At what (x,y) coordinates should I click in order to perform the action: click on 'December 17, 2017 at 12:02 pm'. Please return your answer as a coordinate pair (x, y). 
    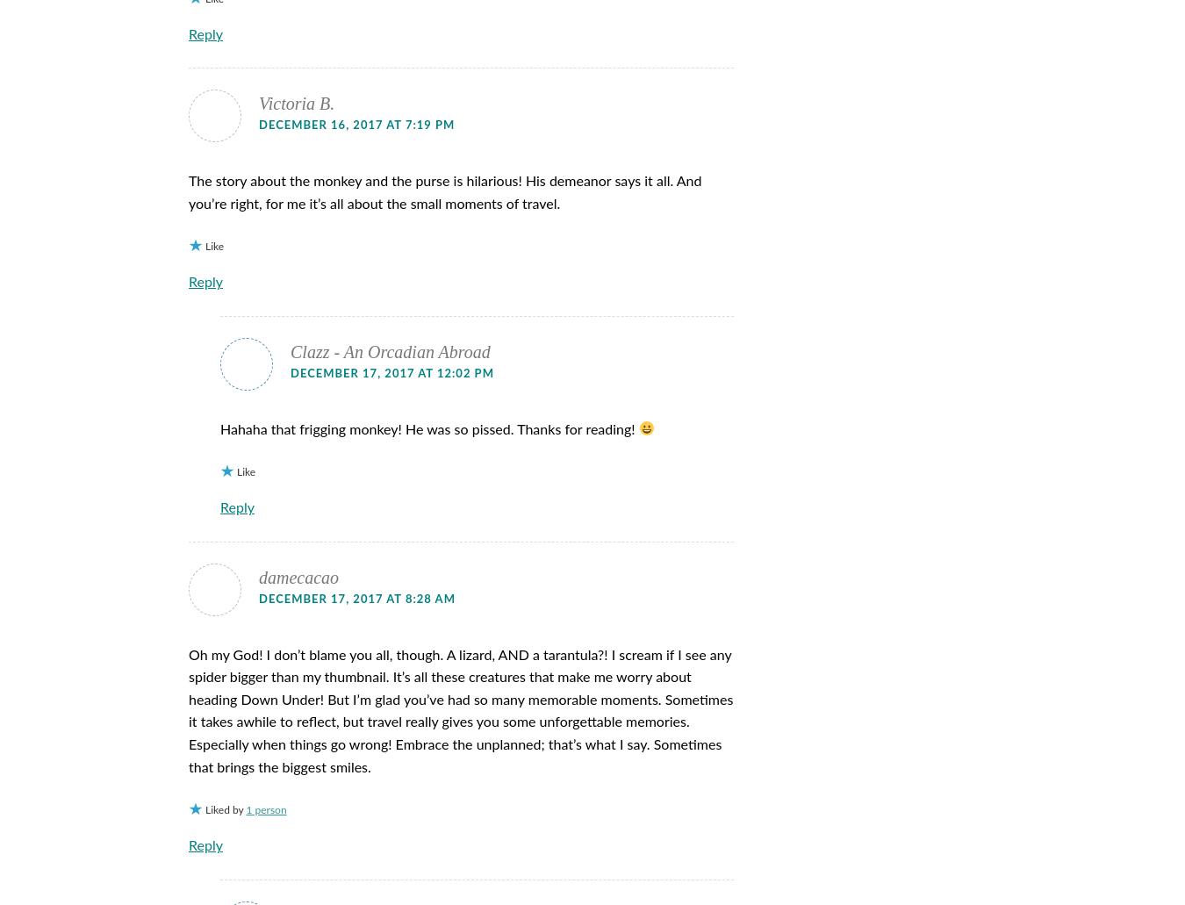
    Looking at the image, I should click on (391, 373).